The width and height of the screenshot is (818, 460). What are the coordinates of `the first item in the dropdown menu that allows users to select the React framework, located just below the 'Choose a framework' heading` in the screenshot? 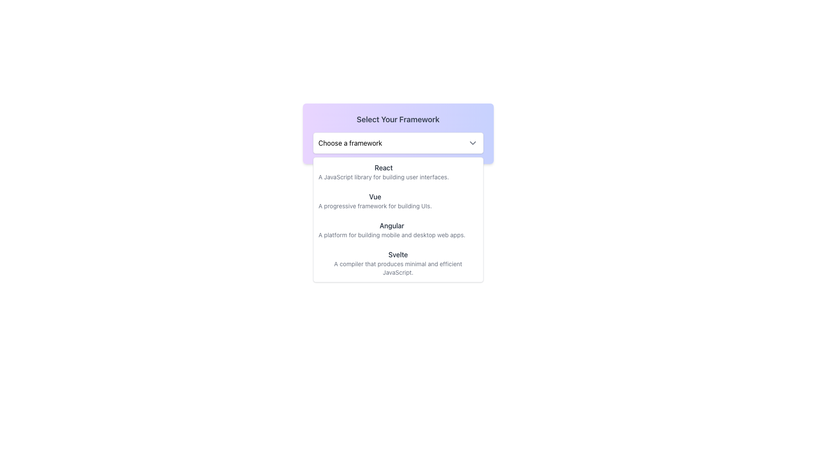 It's located at (397, 172).